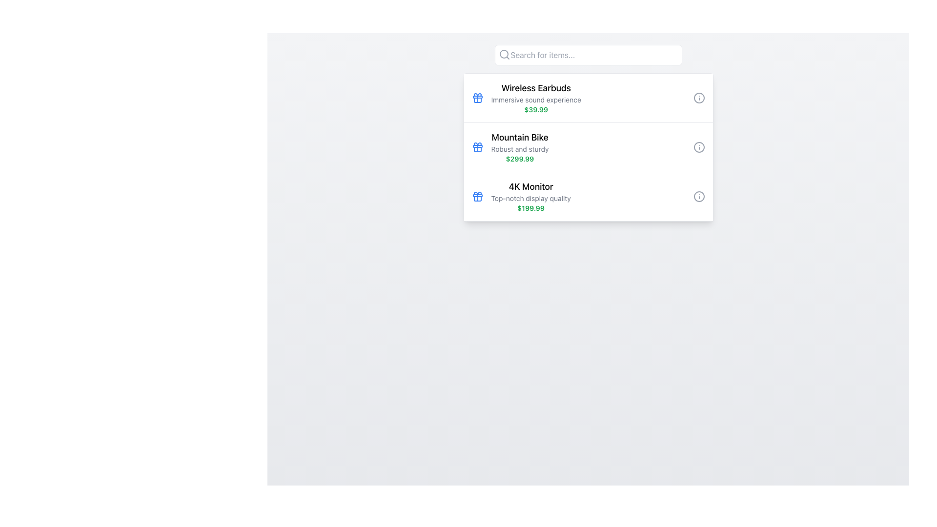  I want to click on the informational icon styled as a circle with a dotted symbol inside it, located at the right end of the '4K Monitor' product list item, so click(698, 196).